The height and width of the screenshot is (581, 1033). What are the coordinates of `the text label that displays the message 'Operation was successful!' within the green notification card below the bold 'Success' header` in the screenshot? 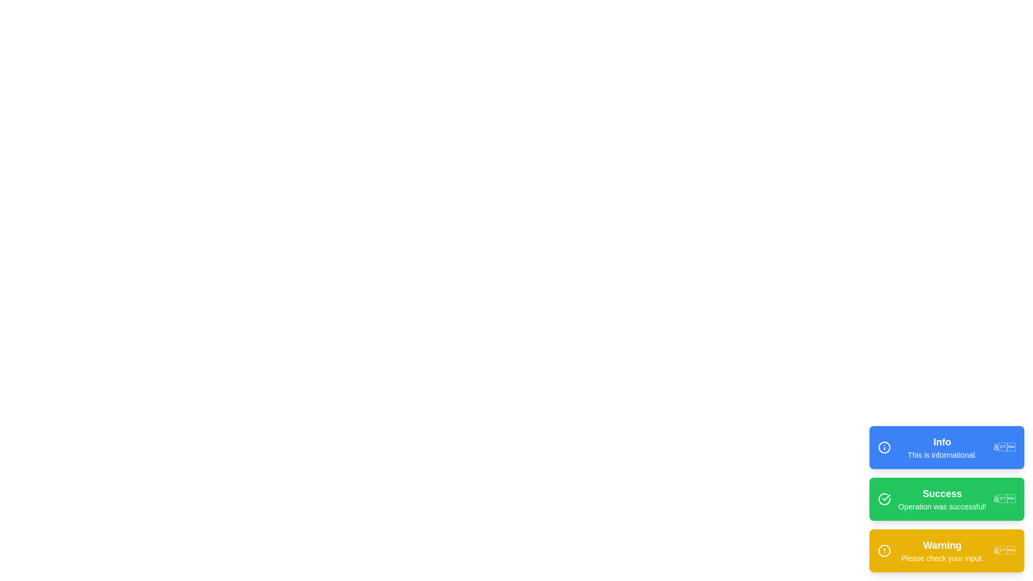 It's located at (942, 506).